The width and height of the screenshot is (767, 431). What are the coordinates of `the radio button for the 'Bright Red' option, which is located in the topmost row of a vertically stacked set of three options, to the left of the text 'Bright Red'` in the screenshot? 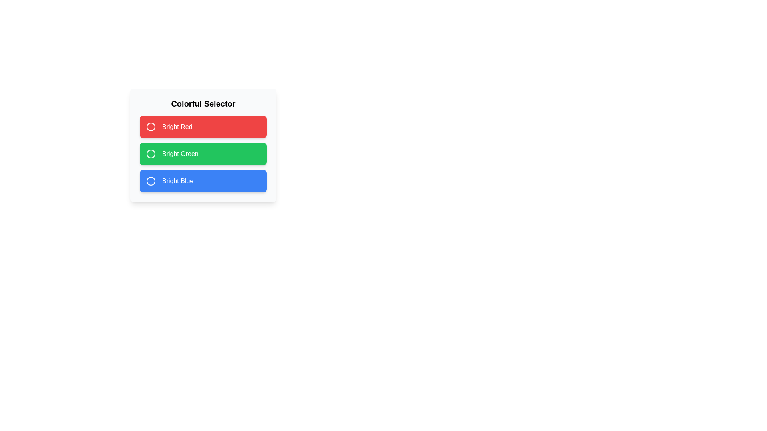 It's located at (151, 126).